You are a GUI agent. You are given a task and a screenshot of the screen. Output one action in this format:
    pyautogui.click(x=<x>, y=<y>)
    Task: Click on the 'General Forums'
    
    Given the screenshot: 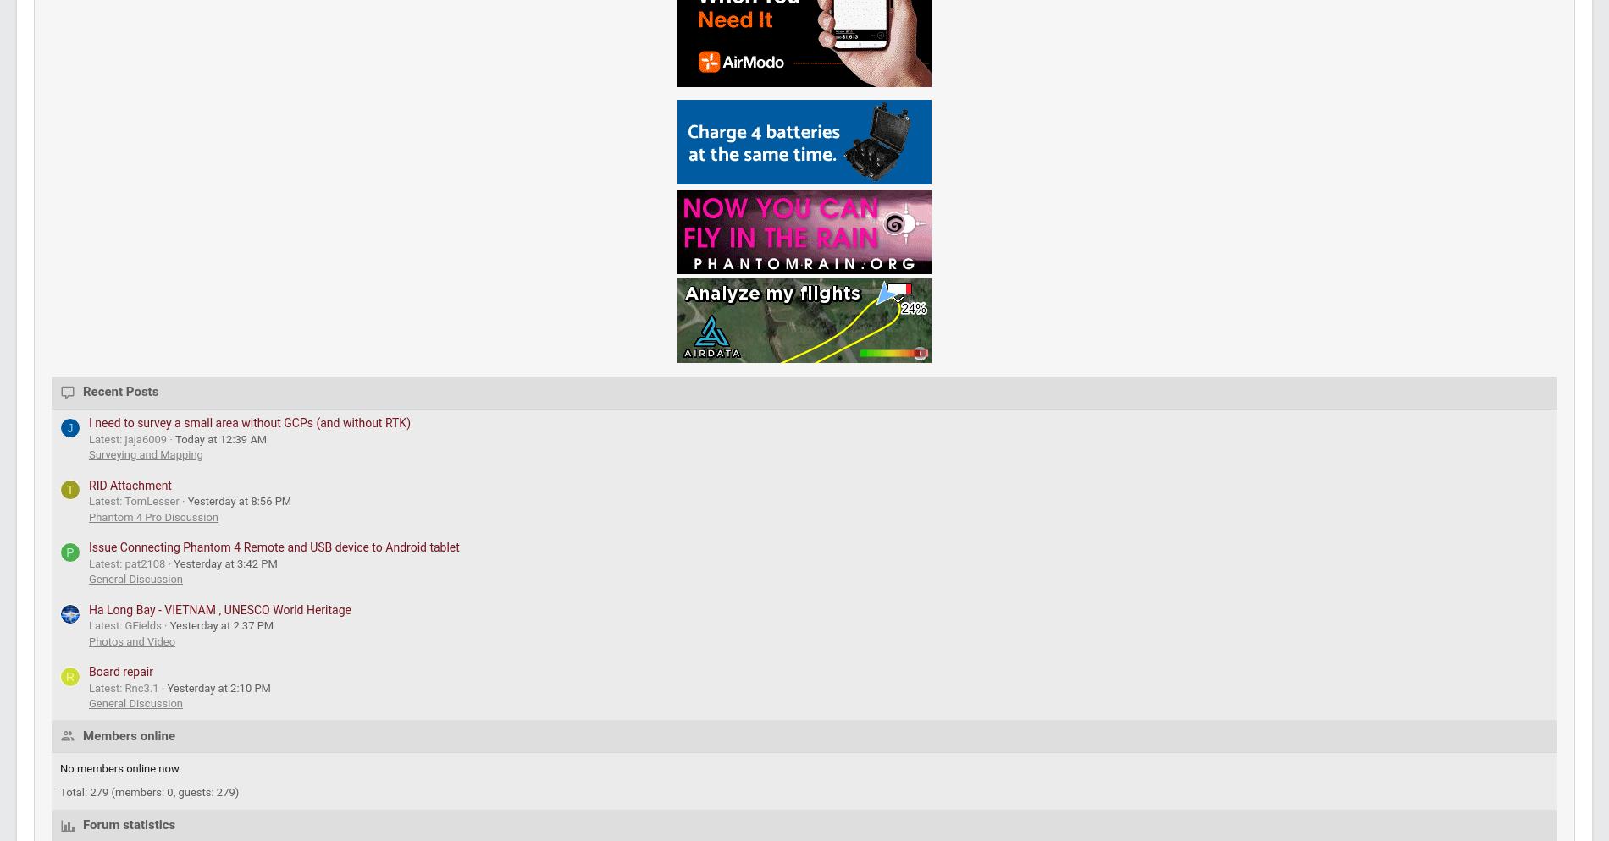 What is the action you would take?
    pyautogui.click(x=124, y=298)
    